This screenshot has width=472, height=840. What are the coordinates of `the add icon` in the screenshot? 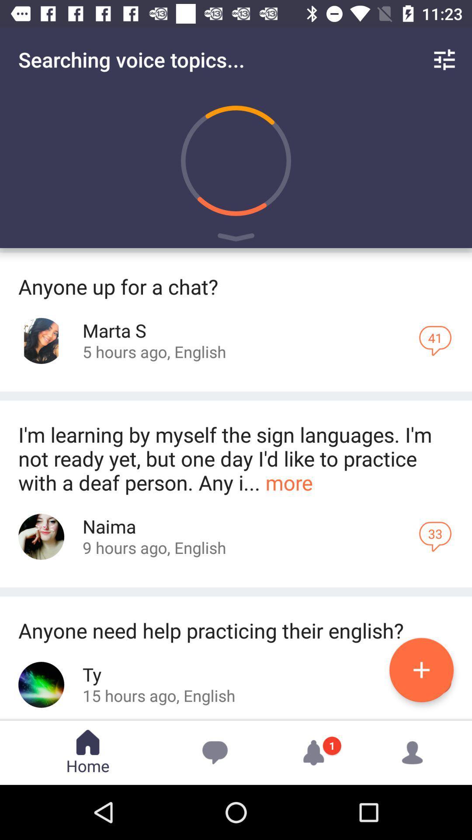 It's located at (421, 669).